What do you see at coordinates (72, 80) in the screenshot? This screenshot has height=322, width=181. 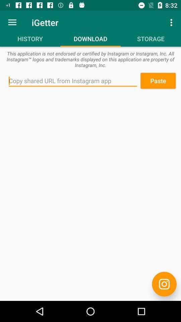 I see `paste url to screenshot and load media` at bounding box center [72, 80].